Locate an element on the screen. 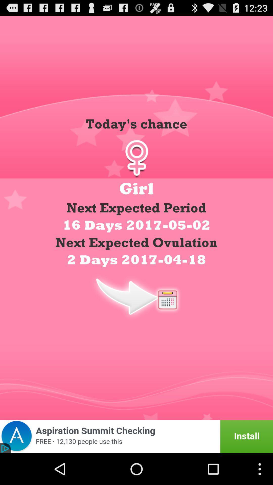 Image resolution: width=273 pixels, height=485 pixels. calendar date display is located at coordinates (136, 296).